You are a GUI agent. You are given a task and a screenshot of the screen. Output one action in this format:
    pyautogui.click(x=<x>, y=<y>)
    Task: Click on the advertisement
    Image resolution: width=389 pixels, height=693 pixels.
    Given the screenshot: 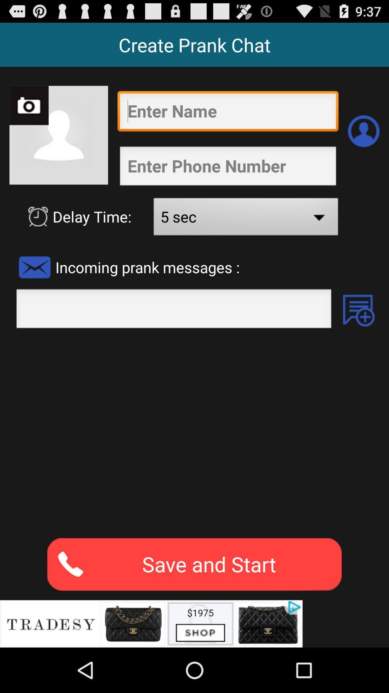 What is the action you would take?
    pyautogui.click(x=151, y=623)
    